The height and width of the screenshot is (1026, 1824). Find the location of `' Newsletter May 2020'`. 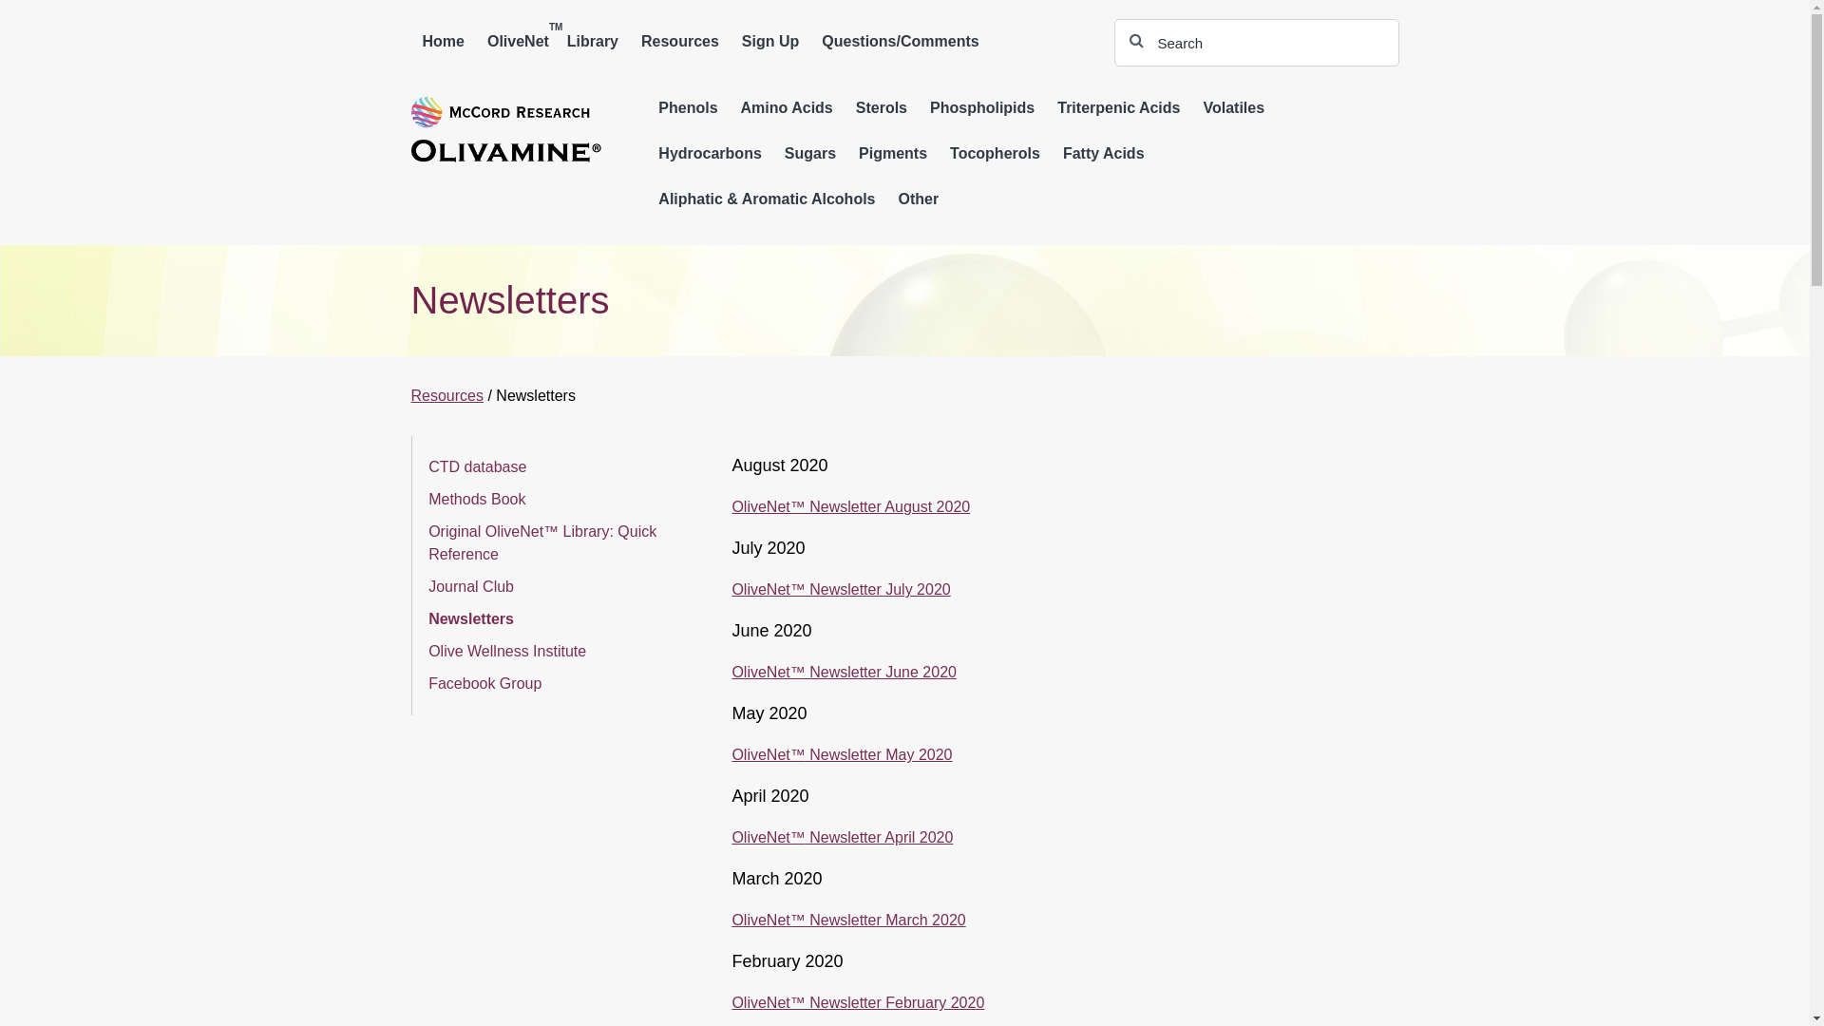

' Newsletter May 2020' is located at coordinates (878, 753).